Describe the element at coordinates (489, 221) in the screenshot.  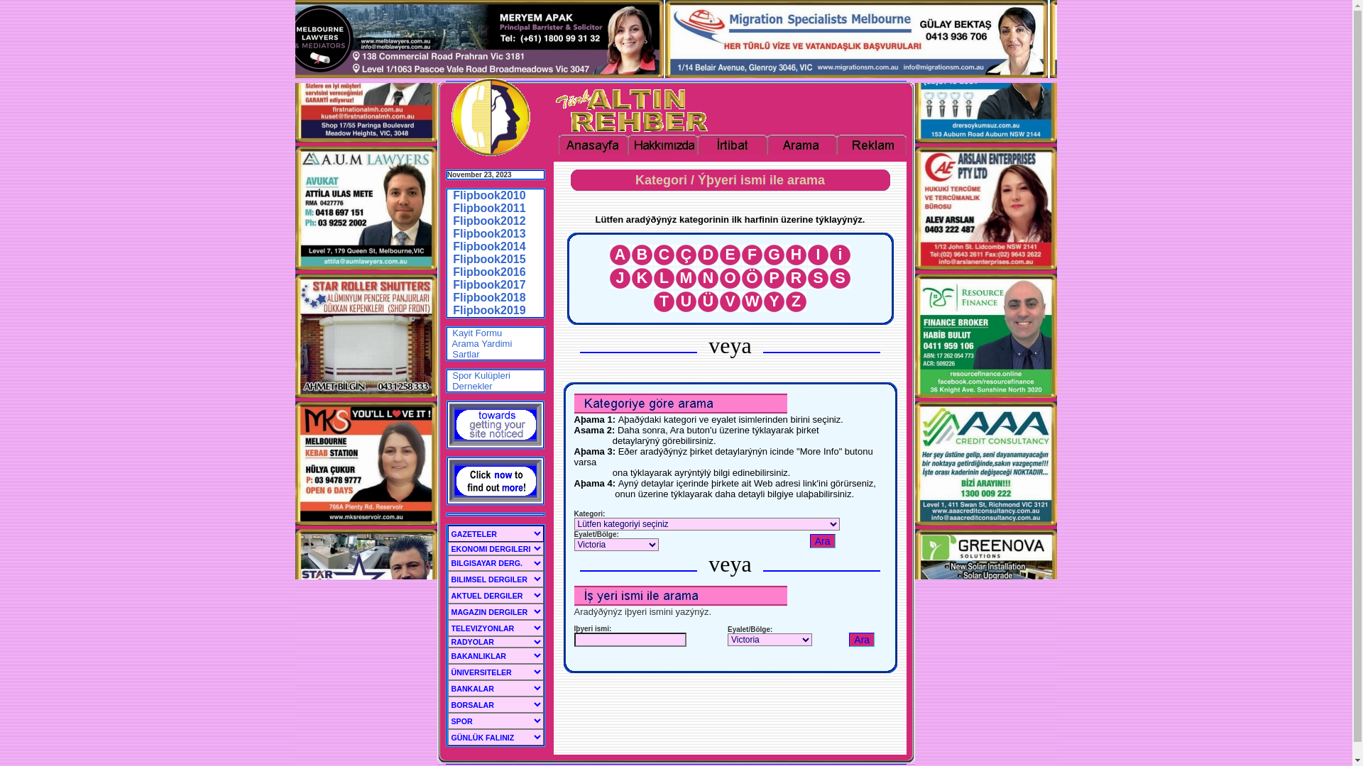
I see `'Flipbook2012'` at that location.